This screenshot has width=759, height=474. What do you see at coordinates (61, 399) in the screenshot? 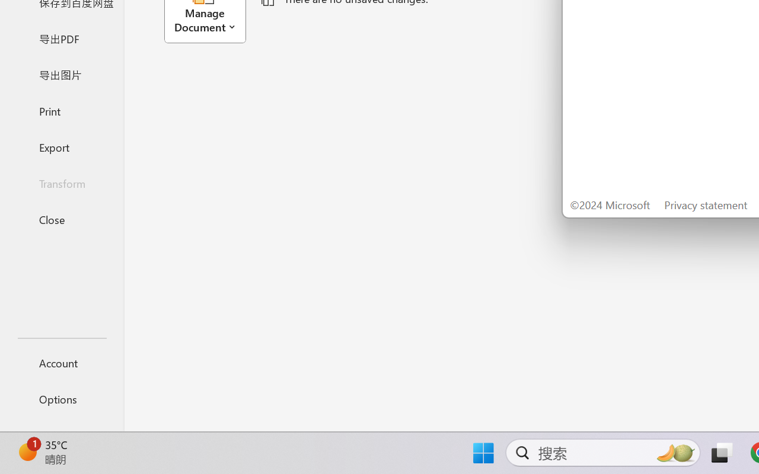
I see `'Options'` at bounding box center [61, 399].